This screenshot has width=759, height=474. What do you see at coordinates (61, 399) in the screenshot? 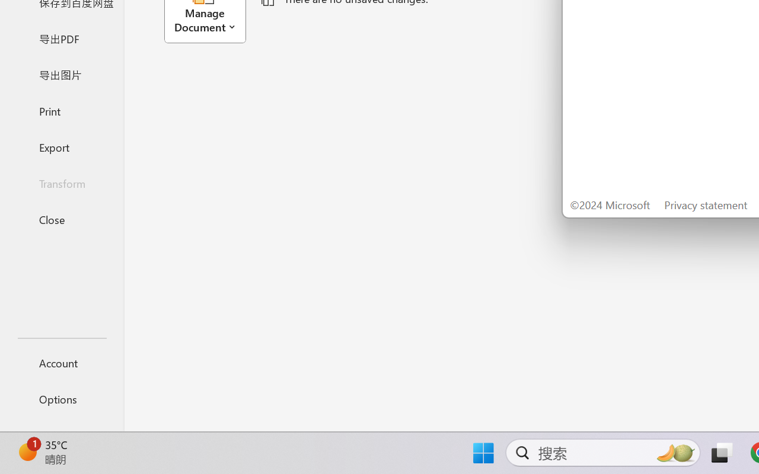
I see `'Options'` at bounding box center [61, 399].